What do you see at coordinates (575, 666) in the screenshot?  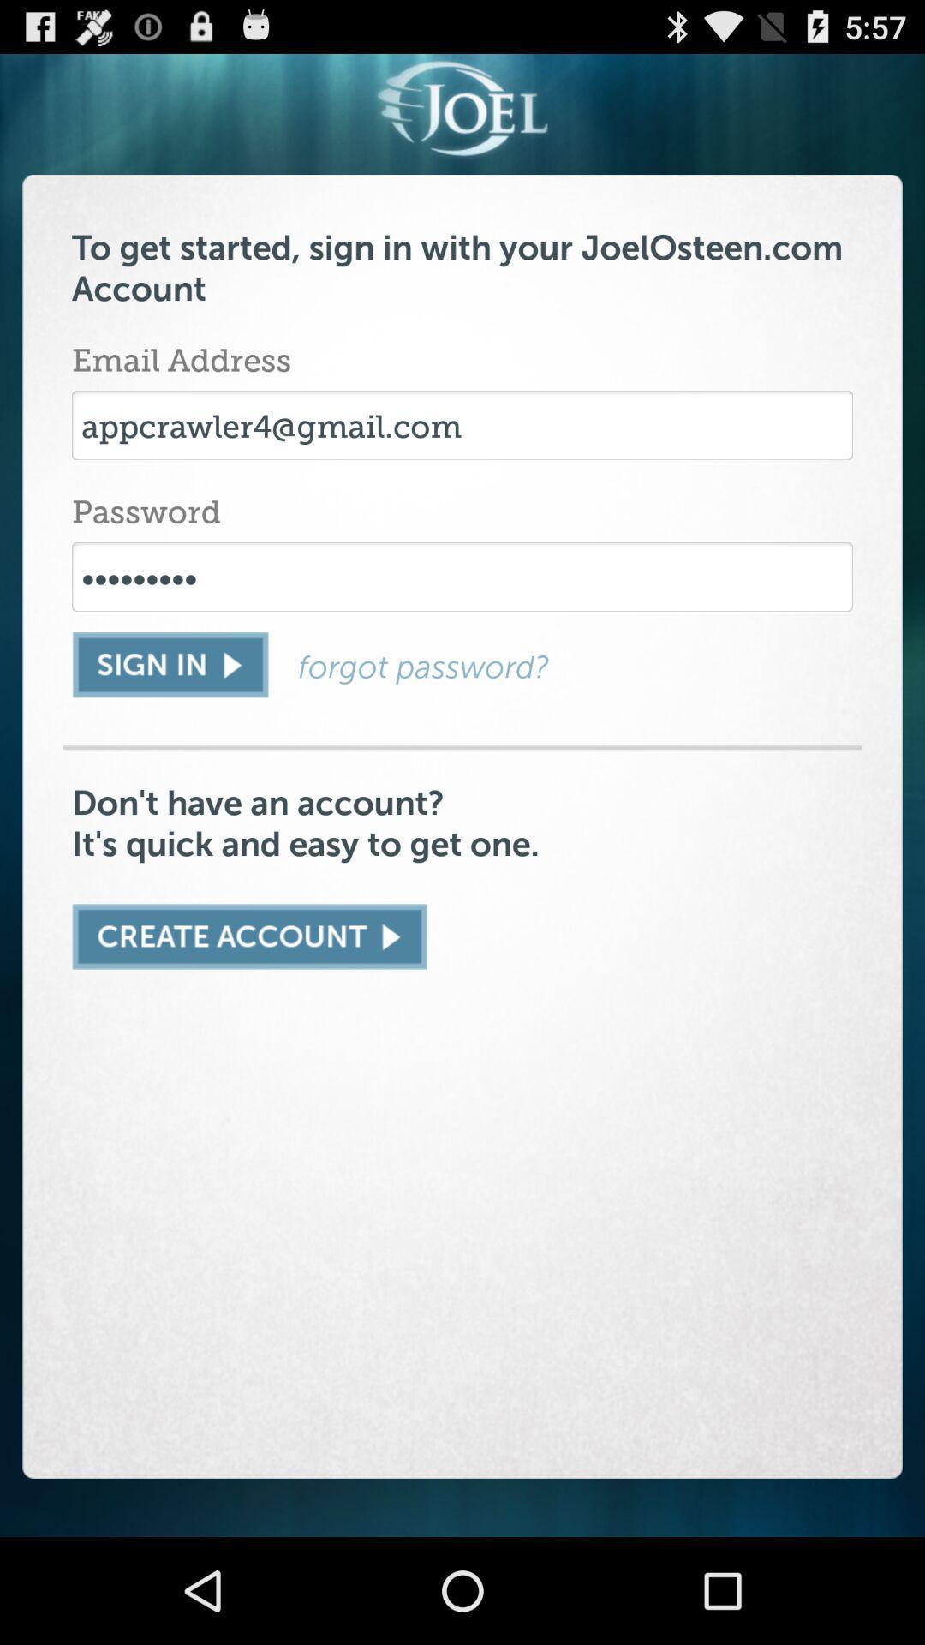 I see `the item below crowd3116` at bounding box center [575, 666].